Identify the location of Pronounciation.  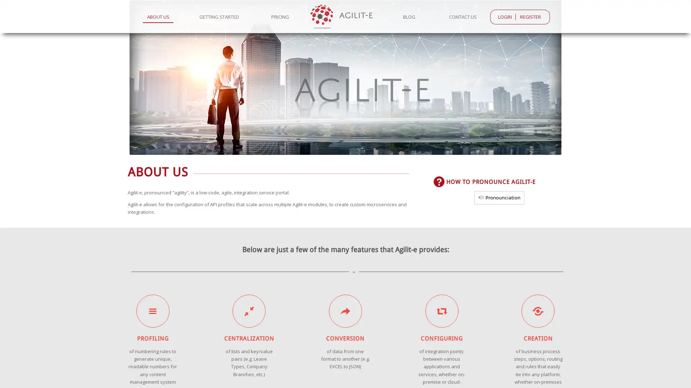
(499, 197).